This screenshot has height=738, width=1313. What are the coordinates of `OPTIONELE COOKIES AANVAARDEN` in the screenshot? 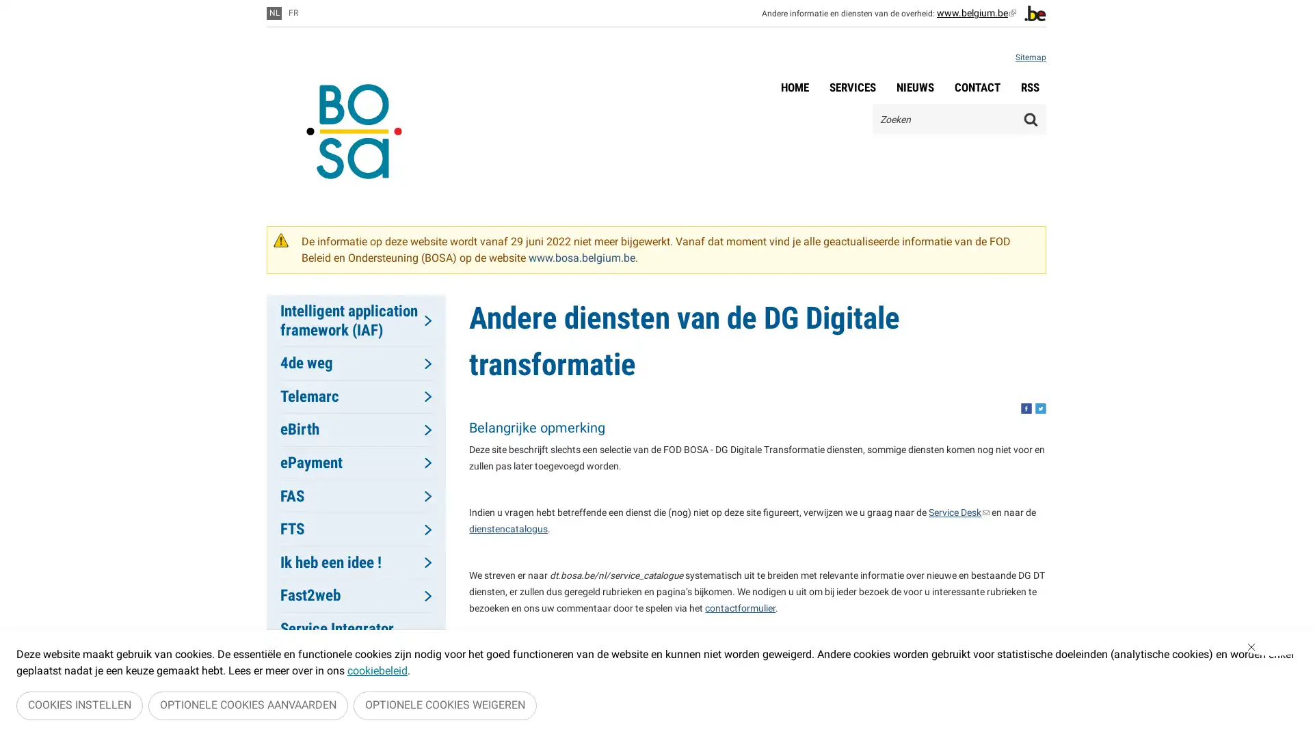 It's located at (248, 707).